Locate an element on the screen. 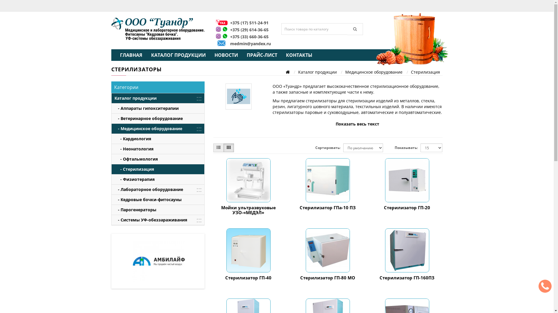  'medmin@yandex.ru' is located at coordinates (251, 43).